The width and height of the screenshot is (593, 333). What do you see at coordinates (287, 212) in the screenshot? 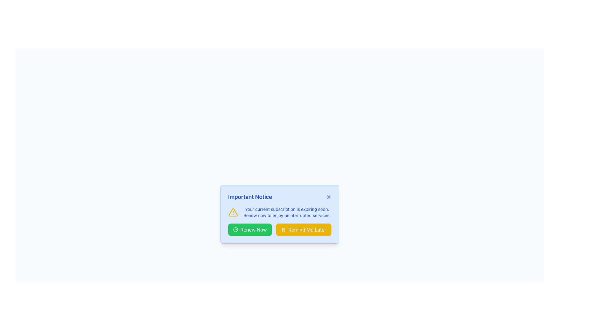
I see `the static text element that reads 'Your current subscription is expiring soon. Renew now to enjoy uninterrupted services.' located in the lower-middle region of a blue-shaded notification box` at bounding box center [287, 212].